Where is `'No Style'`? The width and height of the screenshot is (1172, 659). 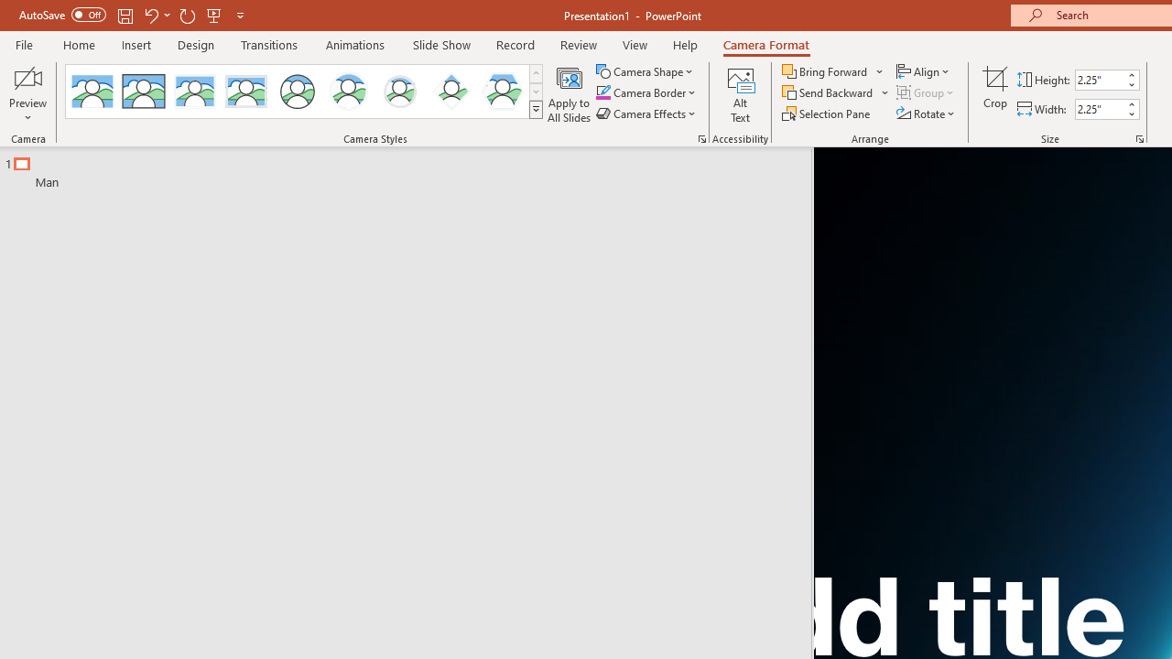 'No Style' is located at coordinates (92, 92).